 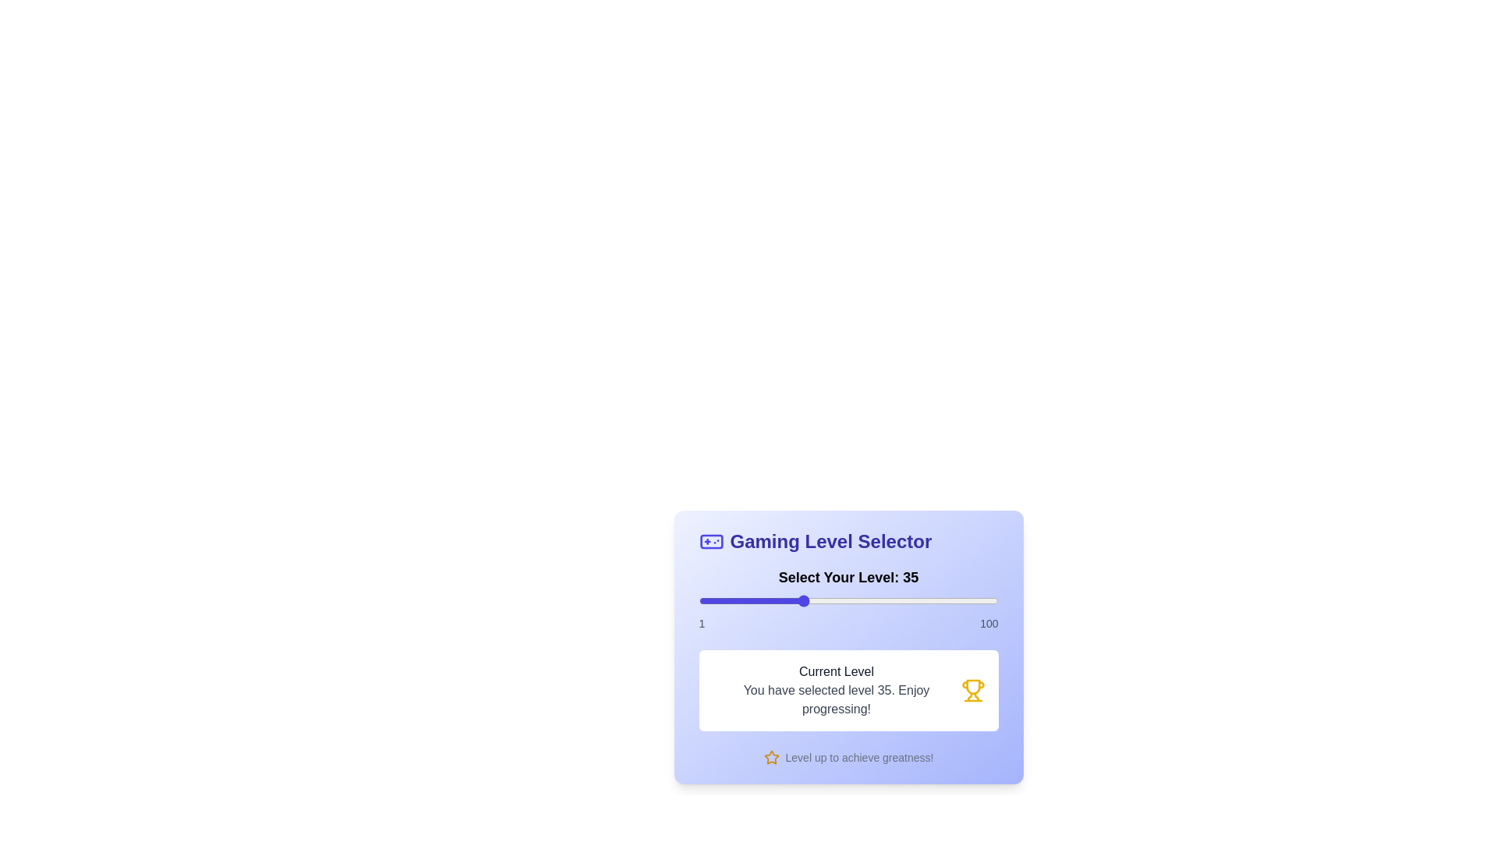 I want to click on the gaming level, so click(x=870, y=600).